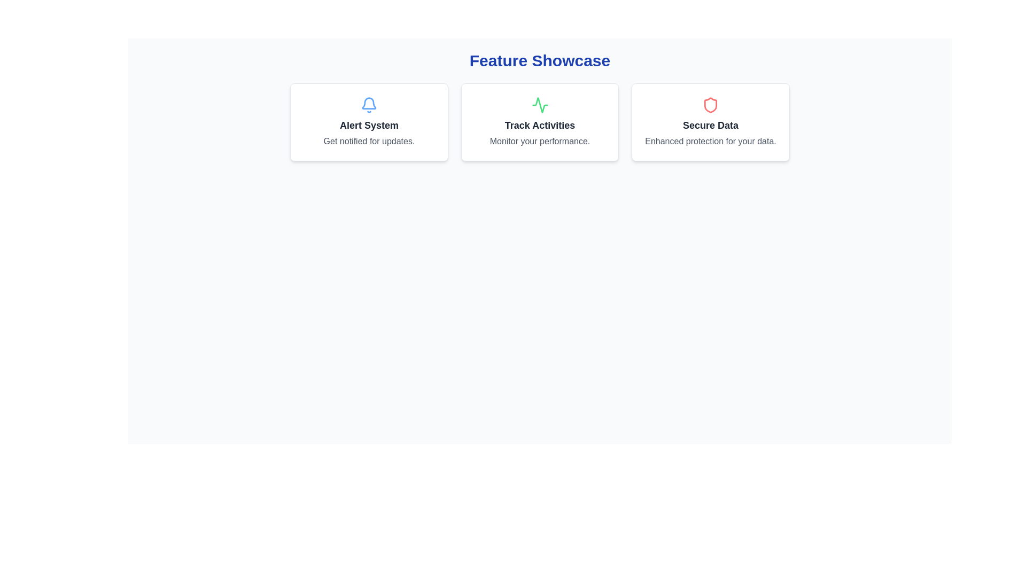 The image size is (1026, 577). Describe the element at coordinates (710, 105) in the screenshot. I see `the shield icon, which is outlined in red and located within the 'Secure Data' section, above the text on the 'Secure Data' card` at that location.